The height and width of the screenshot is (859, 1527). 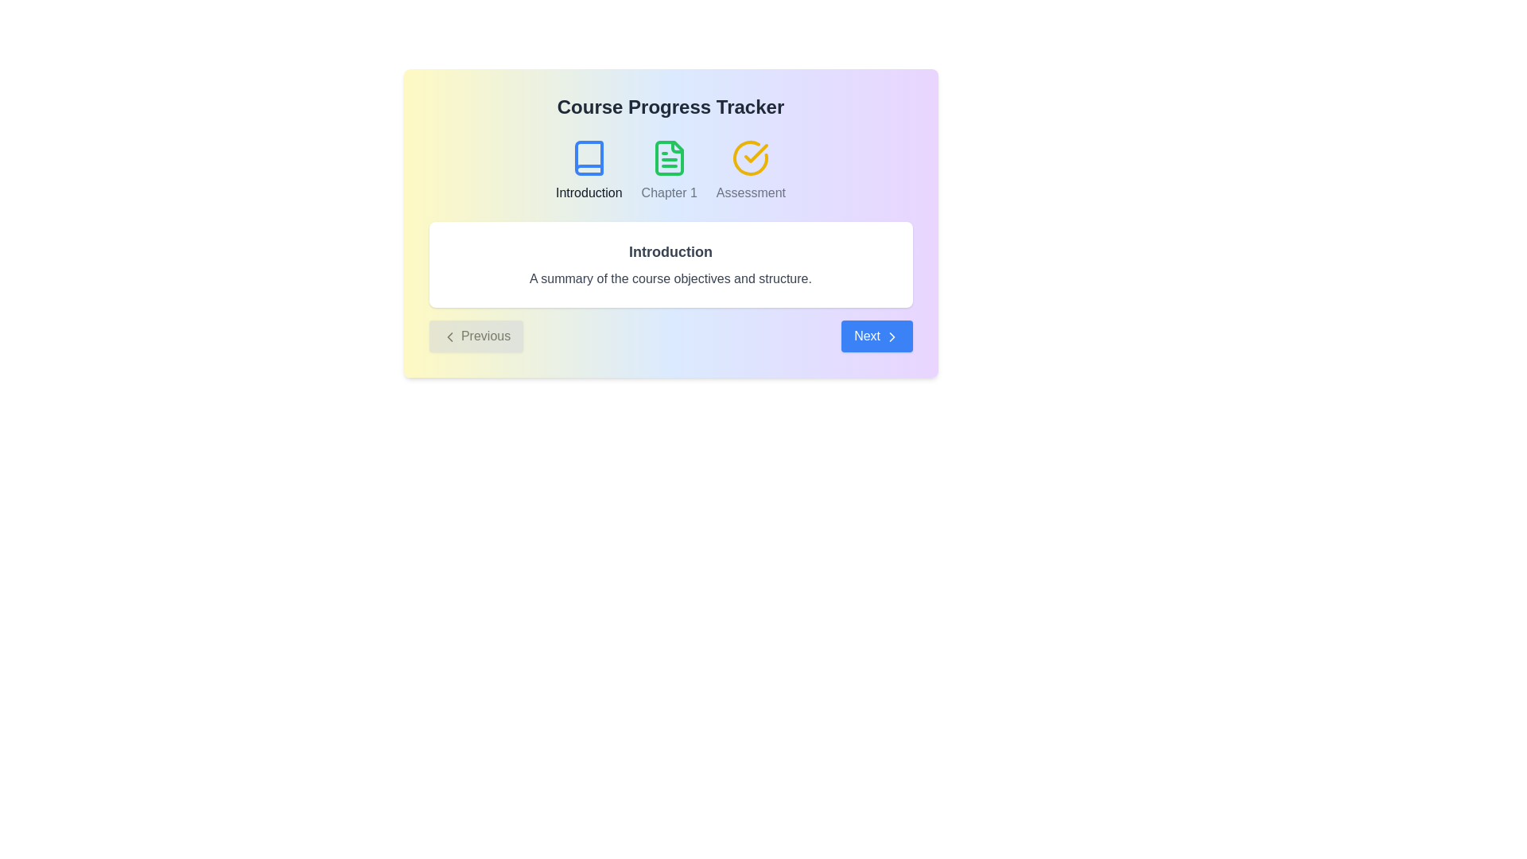 I want to click on the step labeled Assessment in the course progress stepper, so click(x=750, y=171).